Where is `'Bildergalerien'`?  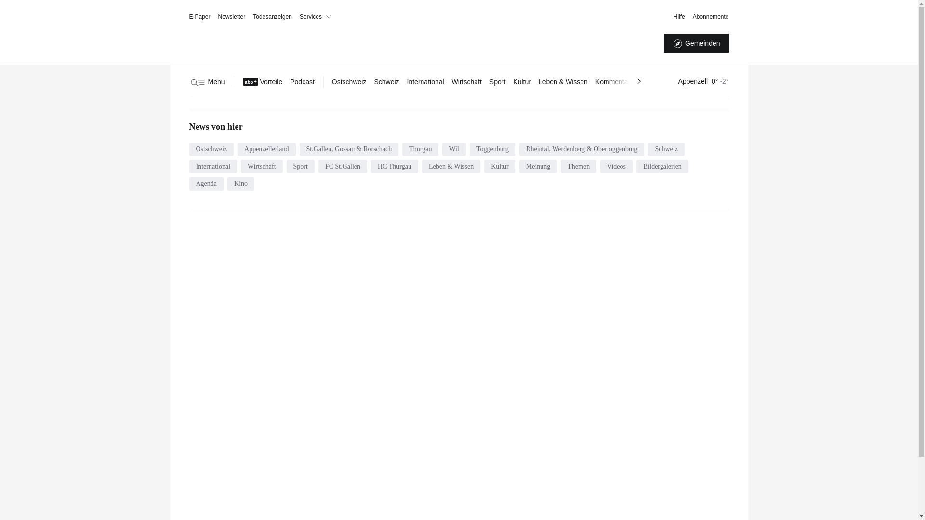
'Bildergalerien' is located at coordinates (636, 166).